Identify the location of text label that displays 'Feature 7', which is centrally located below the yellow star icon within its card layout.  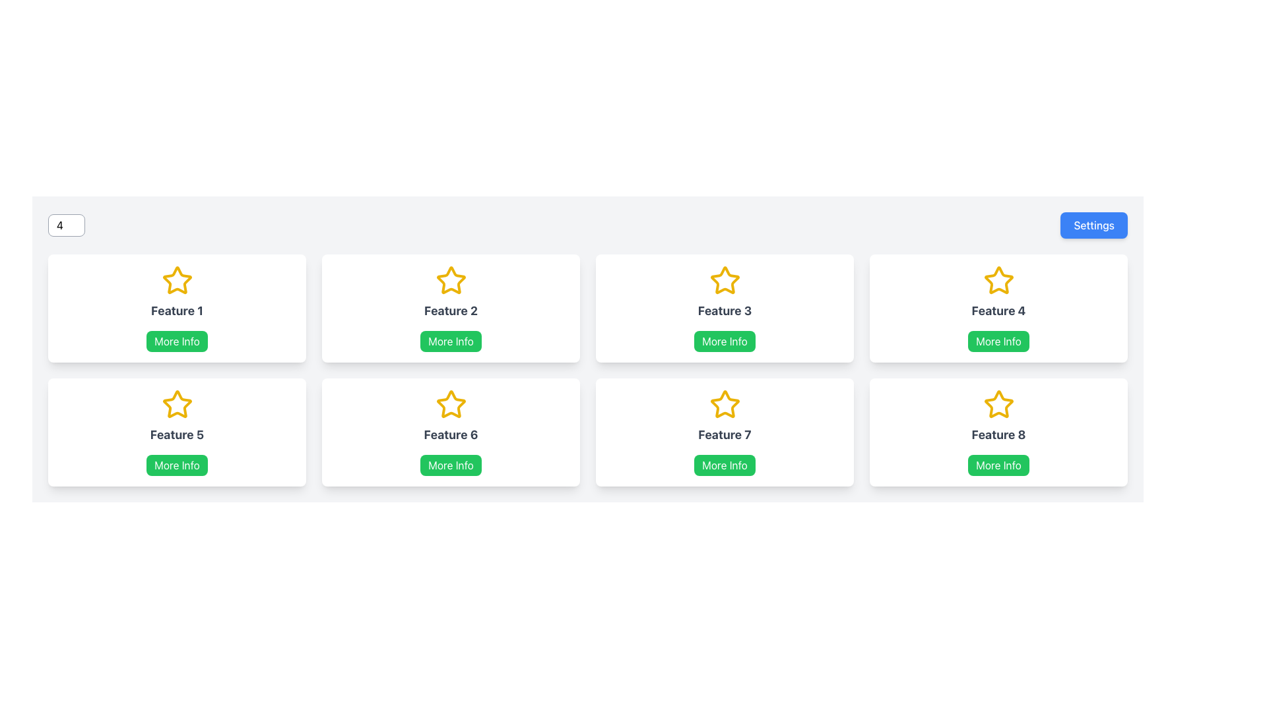
(724, 434).